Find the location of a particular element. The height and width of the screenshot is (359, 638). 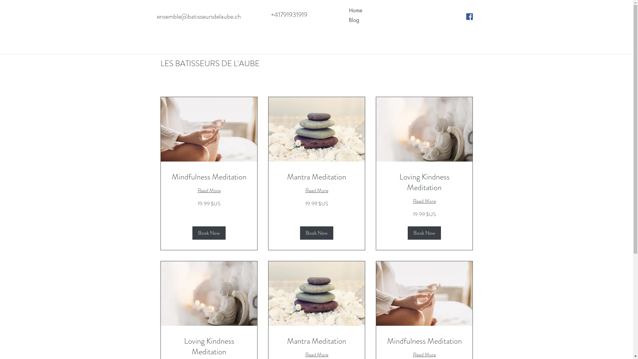

'Read More' is located at coordinates (424, 201).